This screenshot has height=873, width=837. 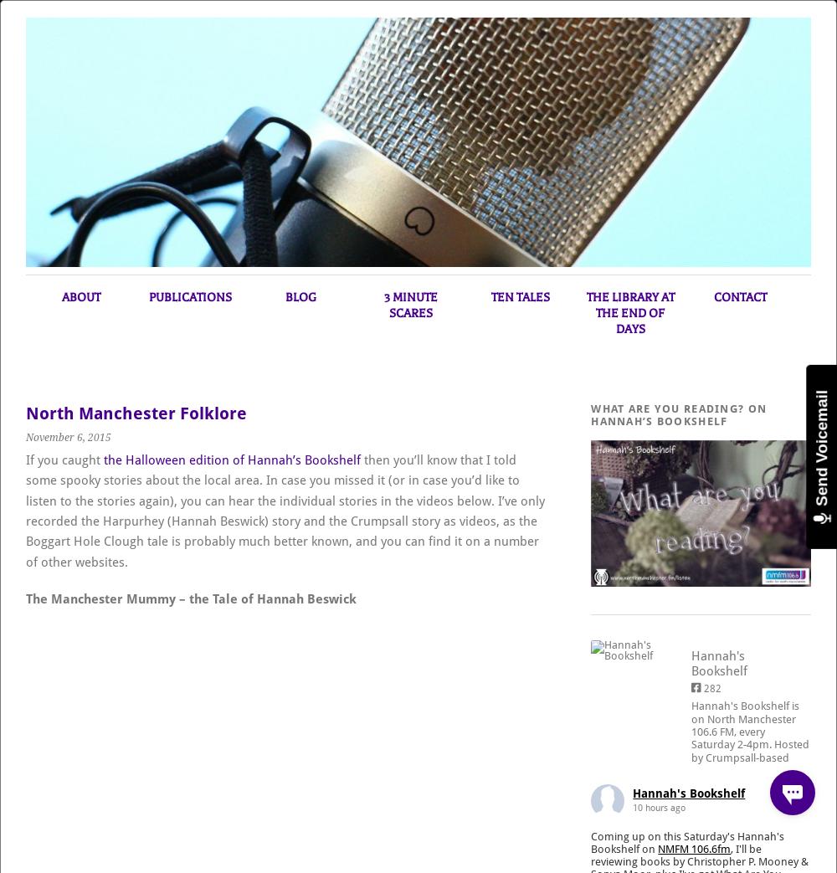 What do you see at coordinates (189, 295) in the screenshot?
I see `'Publications'` at bounding box center [189, 295].